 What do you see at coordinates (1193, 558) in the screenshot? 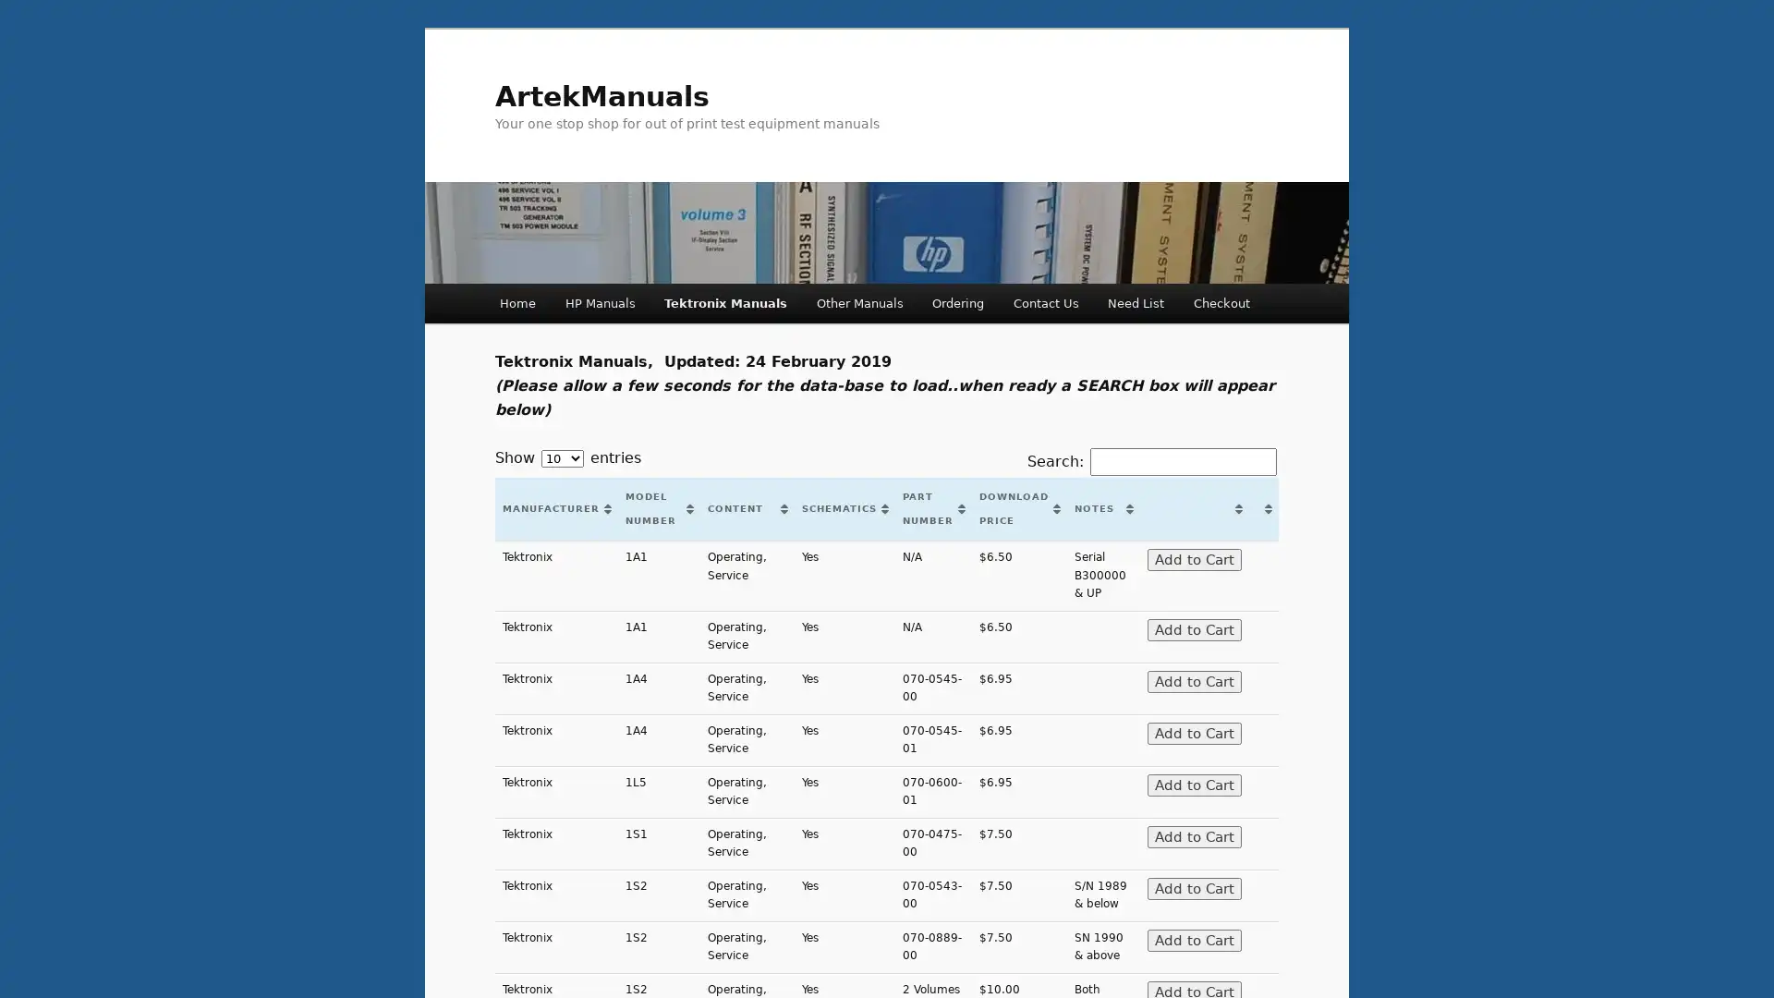
I see `Add to Cart` at bounding box center [1193, 558].